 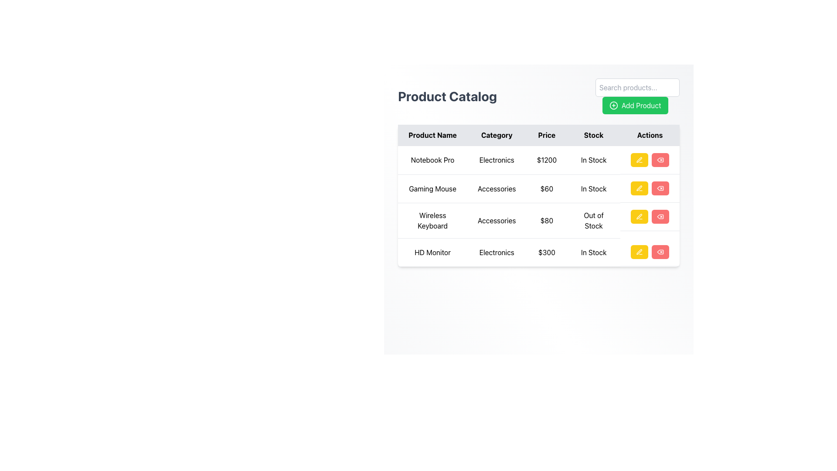 What do you see at coordinates (640, 160) in the screenshot?
I see `the 'edit' button in the 'Actions' column of the first row in the 'Product Catalog' table` at bounding box center [640, 160].